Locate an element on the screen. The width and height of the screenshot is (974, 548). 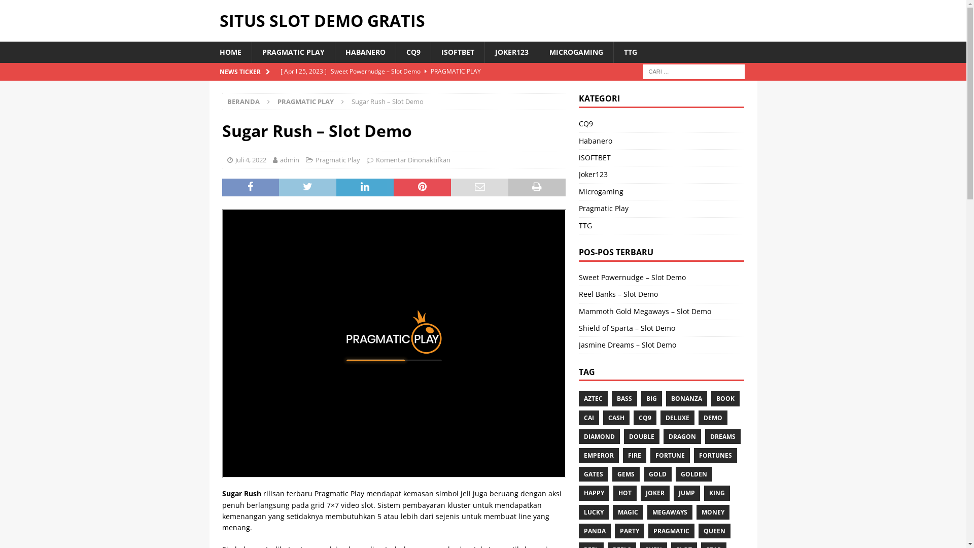
'DRAGON' is located at coordinates (682, 436).